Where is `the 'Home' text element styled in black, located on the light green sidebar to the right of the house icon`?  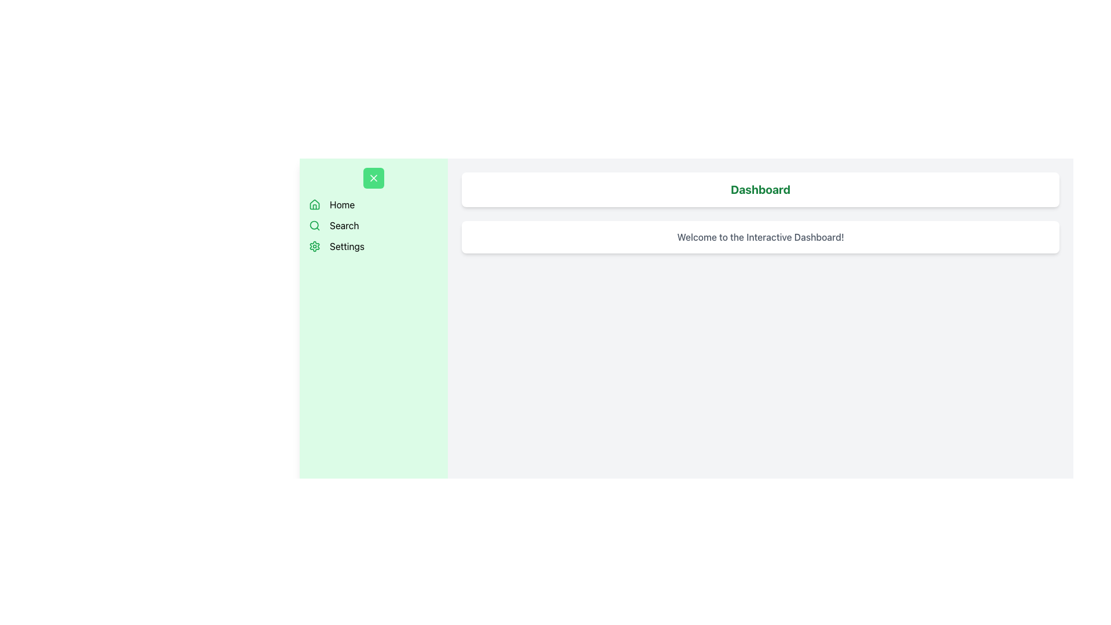 the 'Home' text element styled in black, located on the light green sidebar to the right of the house icon is located at coordinates (341, 204).